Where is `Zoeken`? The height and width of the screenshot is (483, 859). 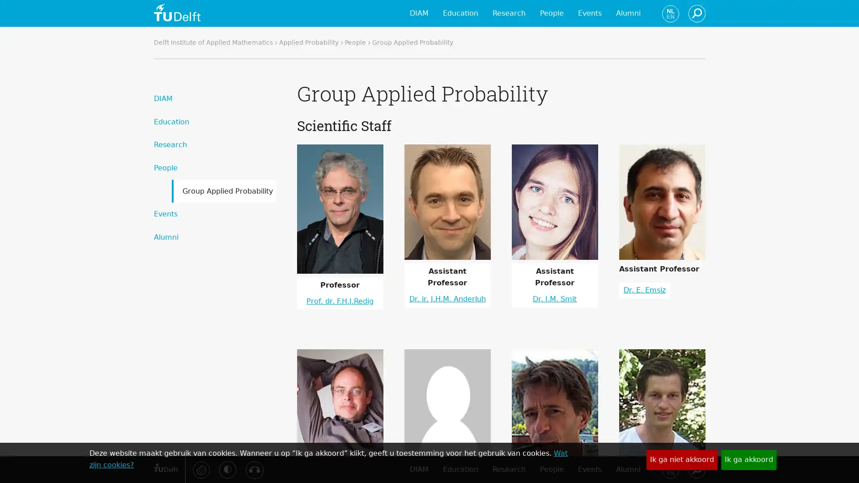
Zoeken is located at coordinates (696, 469).